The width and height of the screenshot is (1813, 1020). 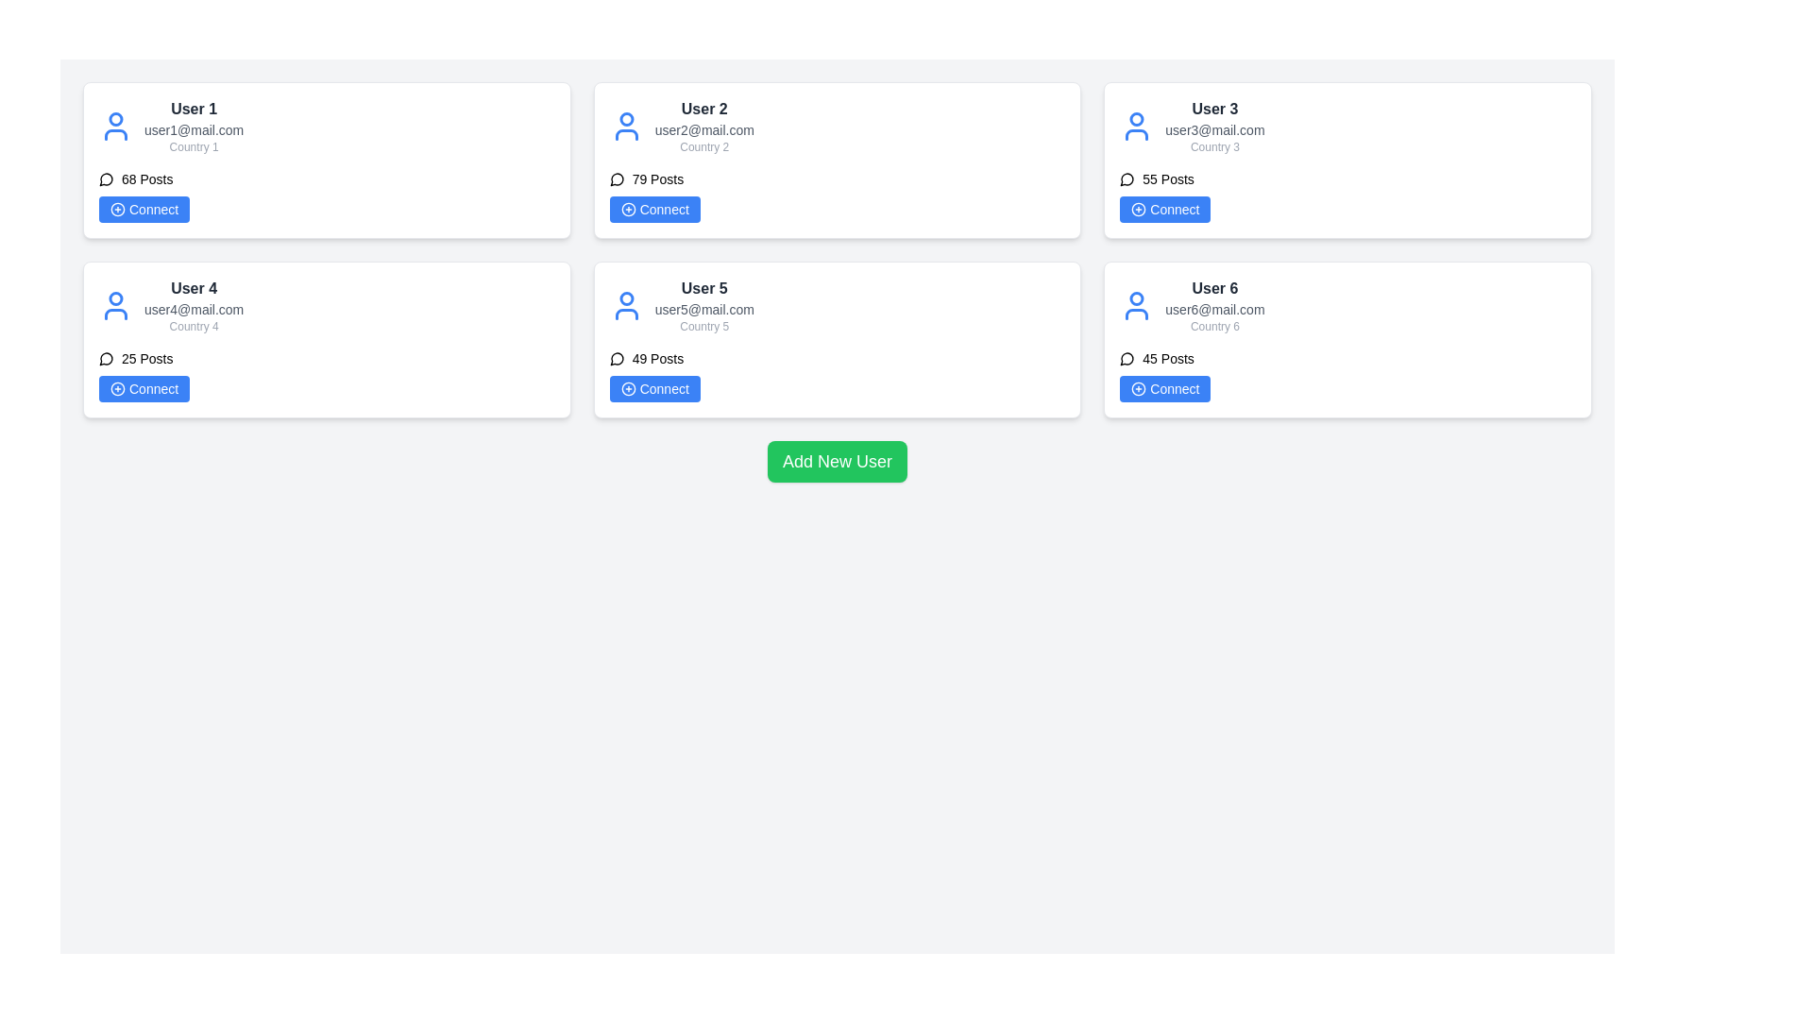 What do you see at coordinates (617, 359) in the screenshot?
I see `the messaging/chat bubble icon located to the left of the '49 Posts' text label in the lower-right section of the card layout for 'User 5'` at bounding box center [617, 359].